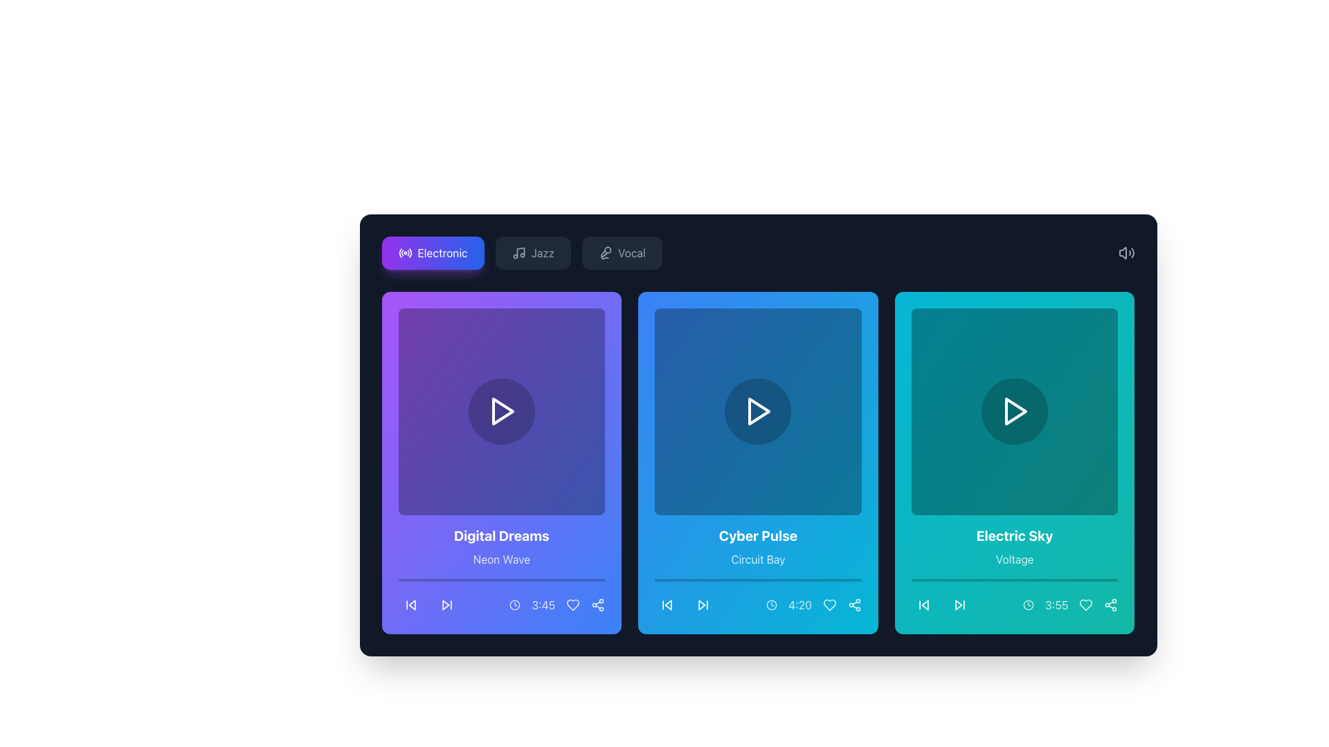 This screenshot has height=747, width=1329. I want to click on the 'jazz' button, which is a dark rounded button with a music note icon, located, so click(532, 253).